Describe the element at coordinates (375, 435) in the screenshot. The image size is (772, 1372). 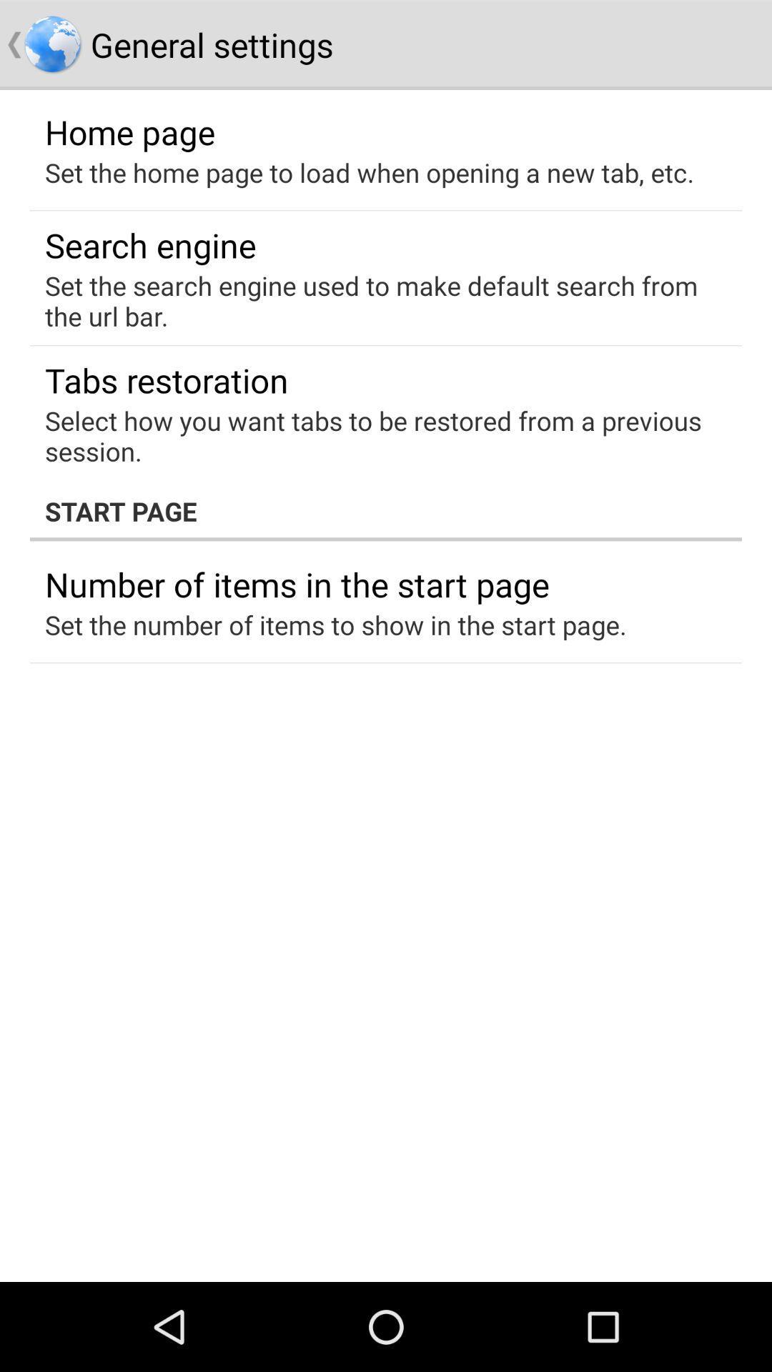
I see `select how you app` at that location.